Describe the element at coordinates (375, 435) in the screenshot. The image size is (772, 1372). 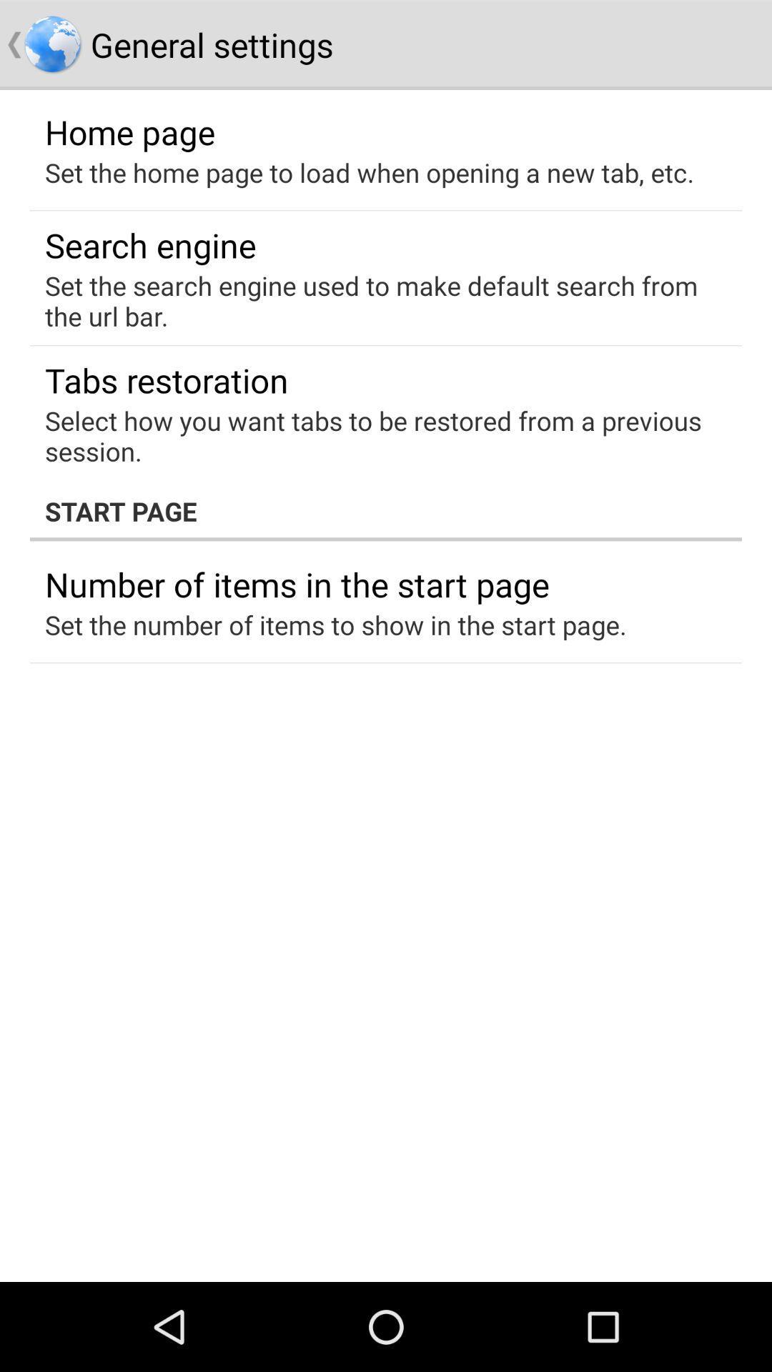
I see `select how you app` at that location.